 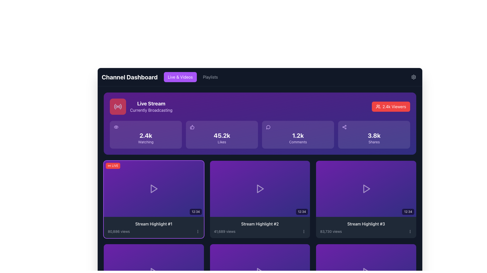 I want to click on the representation of the settings icon located, so click(x=414, y=77).